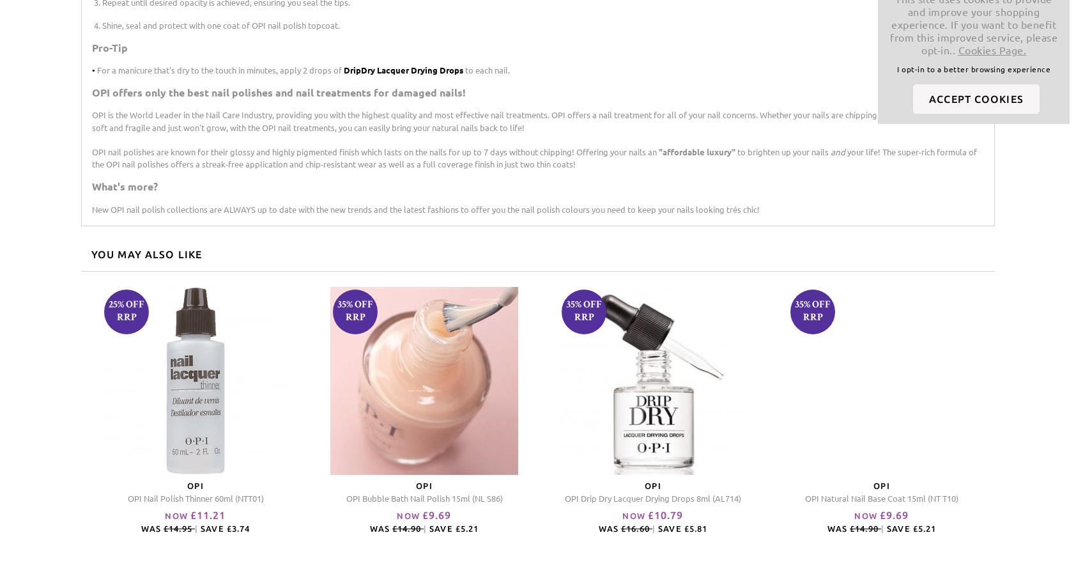 This screenshot has height=574, width=1076. I want to click on 'New OPI nail polish collections are ALWAYS up to date with the new trends and the latest fashions to offer you the nail polish colours you need to keep your nails looking trés chic!', so click(91, 208).